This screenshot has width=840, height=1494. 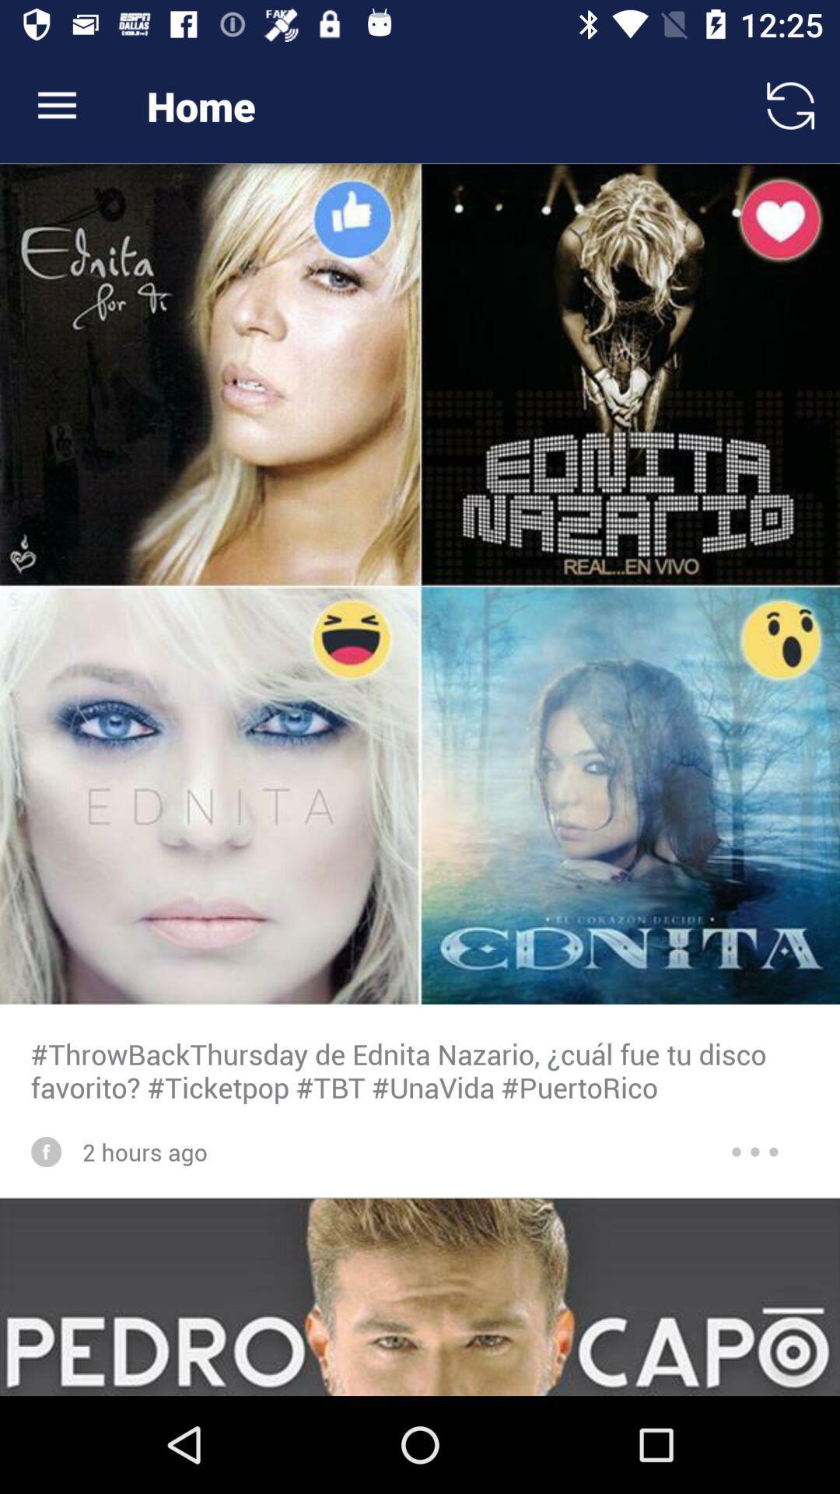 I want to click on item below the throwbackthursday de ednita item, so click(x=145, y=1152).